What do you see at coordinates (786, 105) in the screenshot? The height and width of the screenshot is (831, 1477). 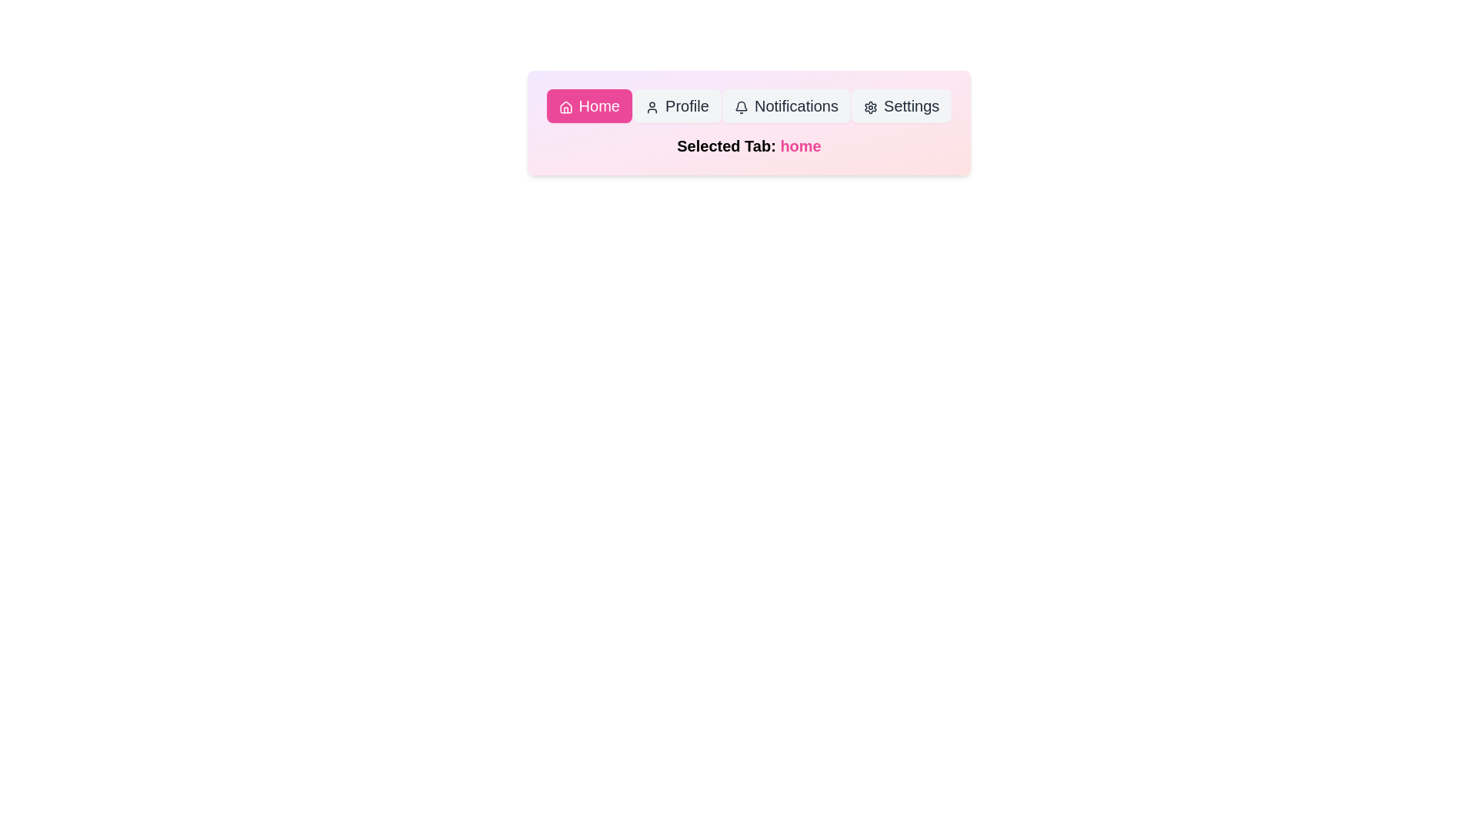 I see `the third button in the horizontal navigation bar` at bounding box center [786, 105].